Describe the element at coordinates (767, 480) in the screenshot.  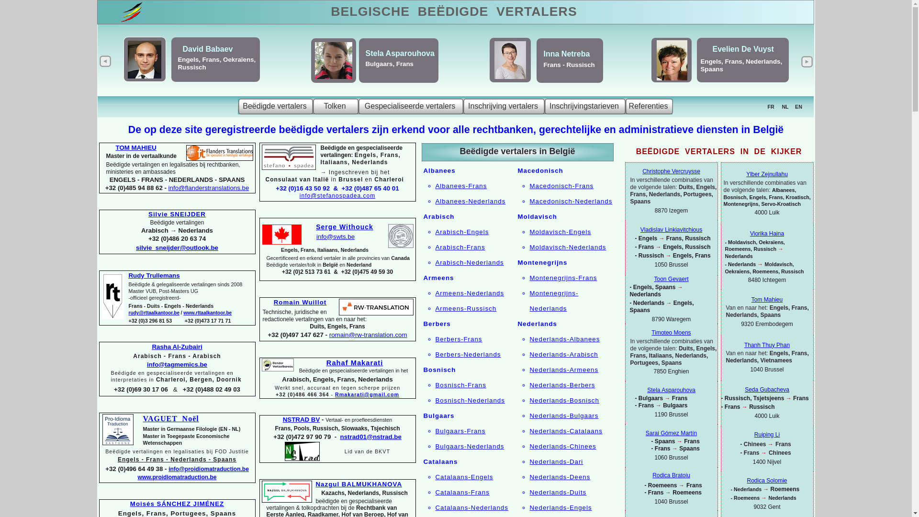
I see `'Rodica Solomie'` at that location.